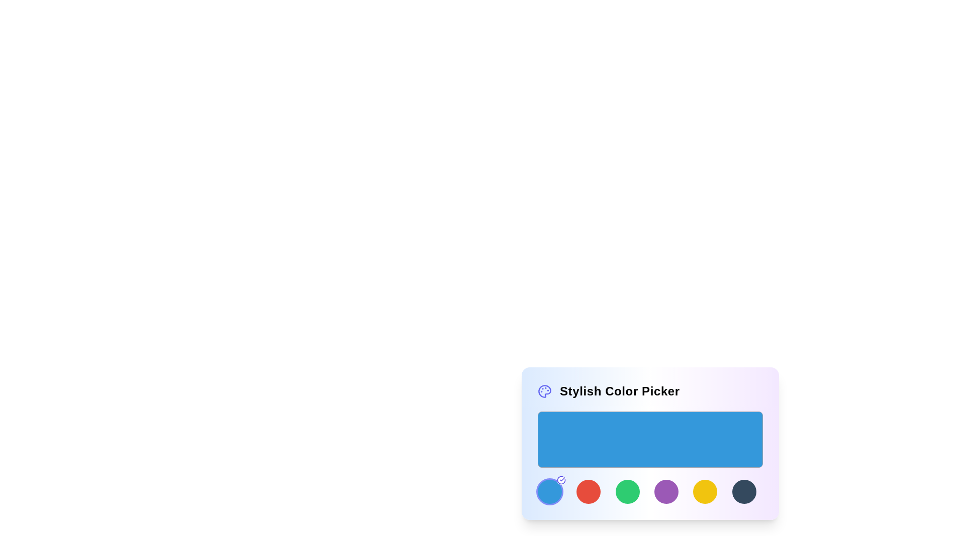  I want to click on the dark blue circular button, which is the sixth button in a grid layout, to trigger the scale effect, so click(744, 491).